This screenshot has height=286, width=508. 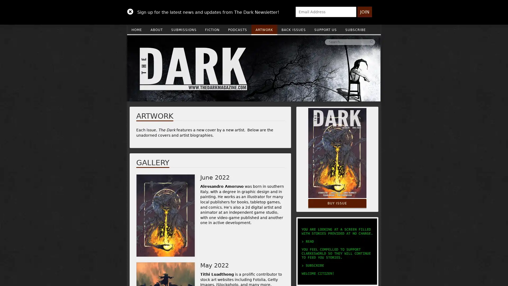 I want to click on Search, so click(x=292, y=42).